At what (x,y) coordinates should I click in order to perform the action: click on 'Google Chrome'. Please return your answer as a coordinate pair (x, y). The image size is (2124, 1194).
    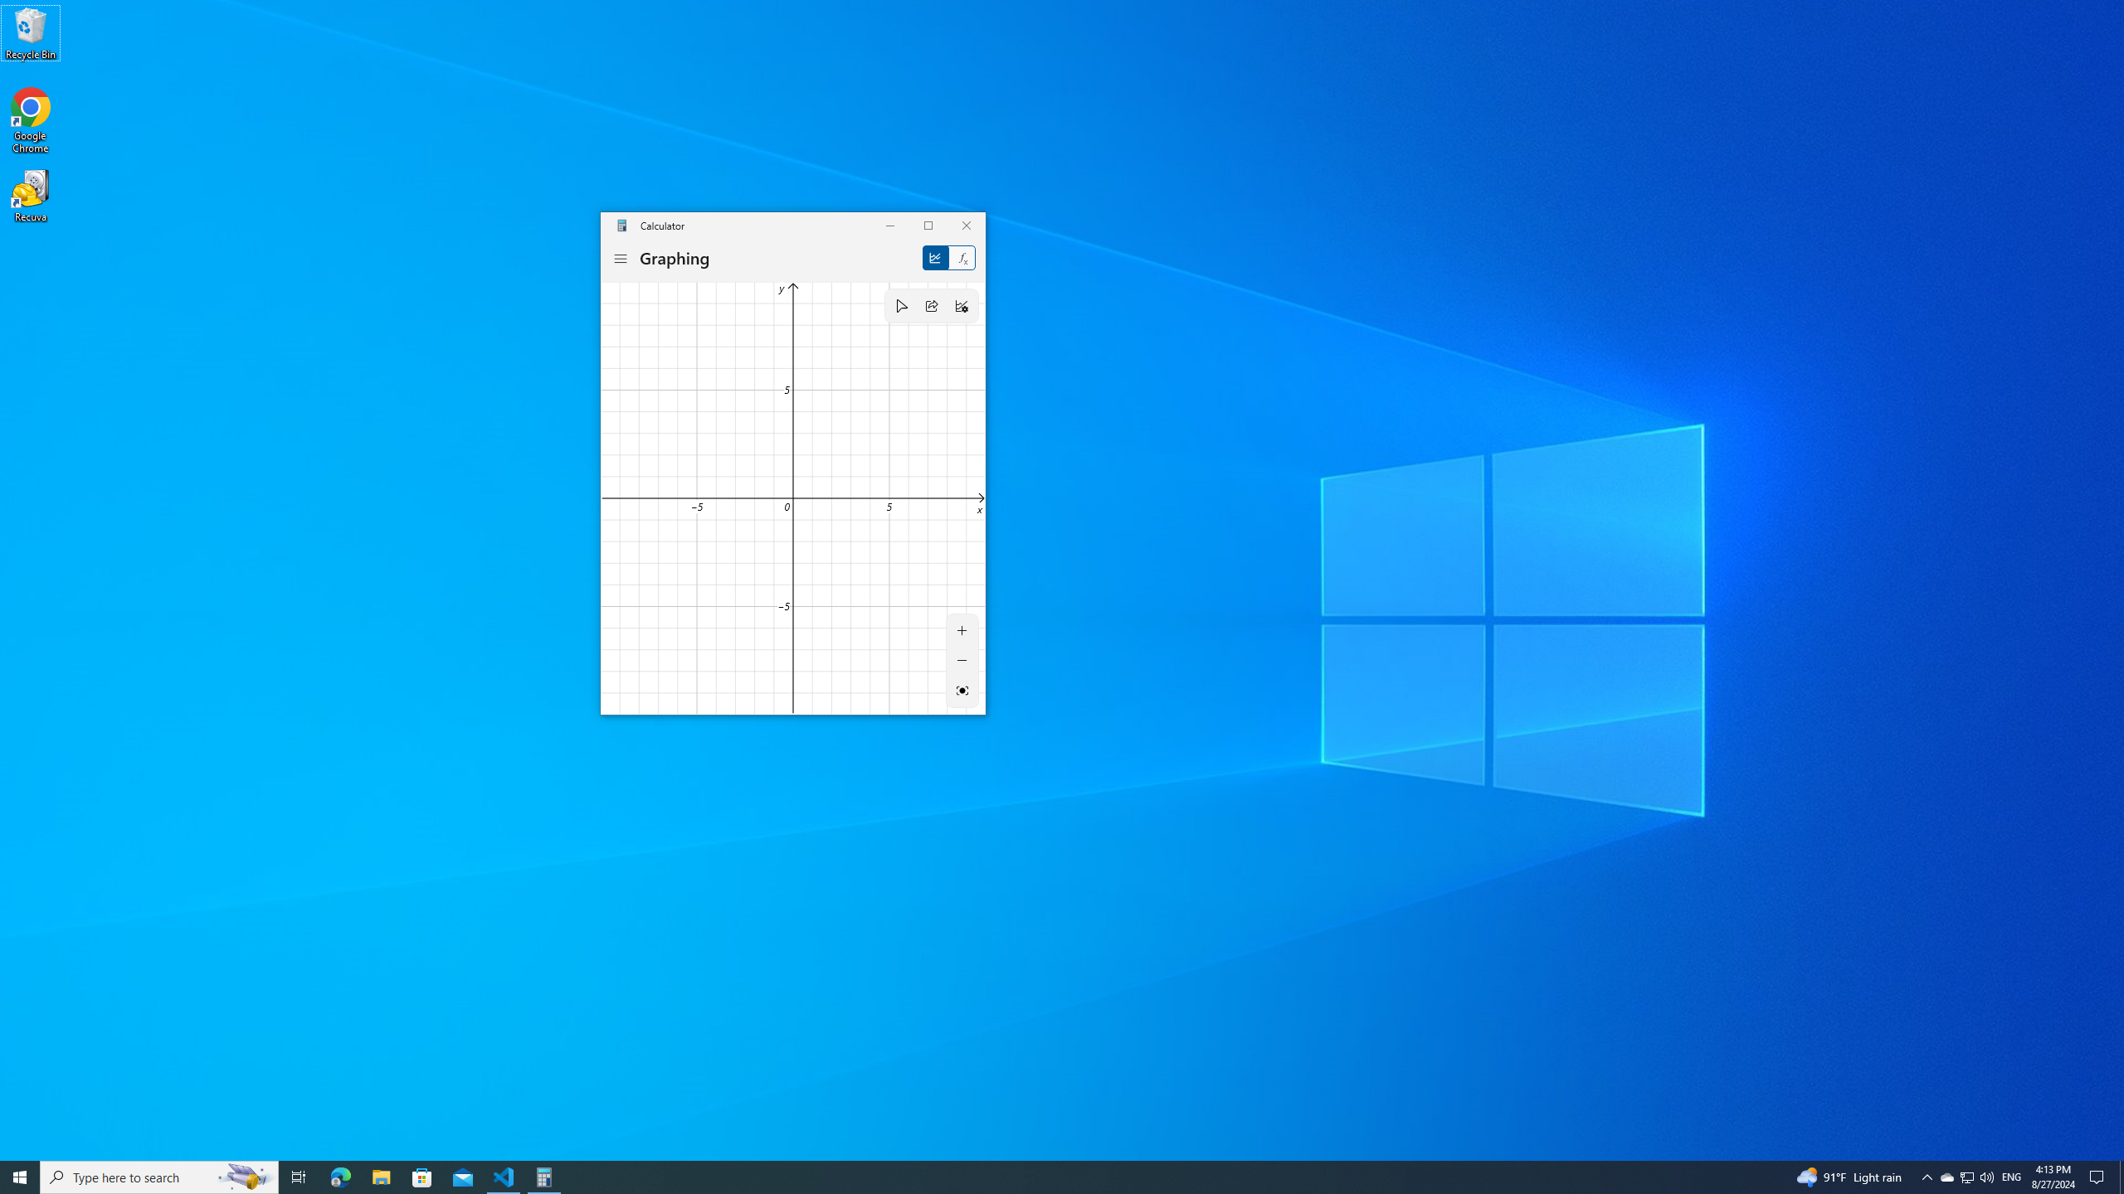
    Looking at the image, I should click on (30, 120).